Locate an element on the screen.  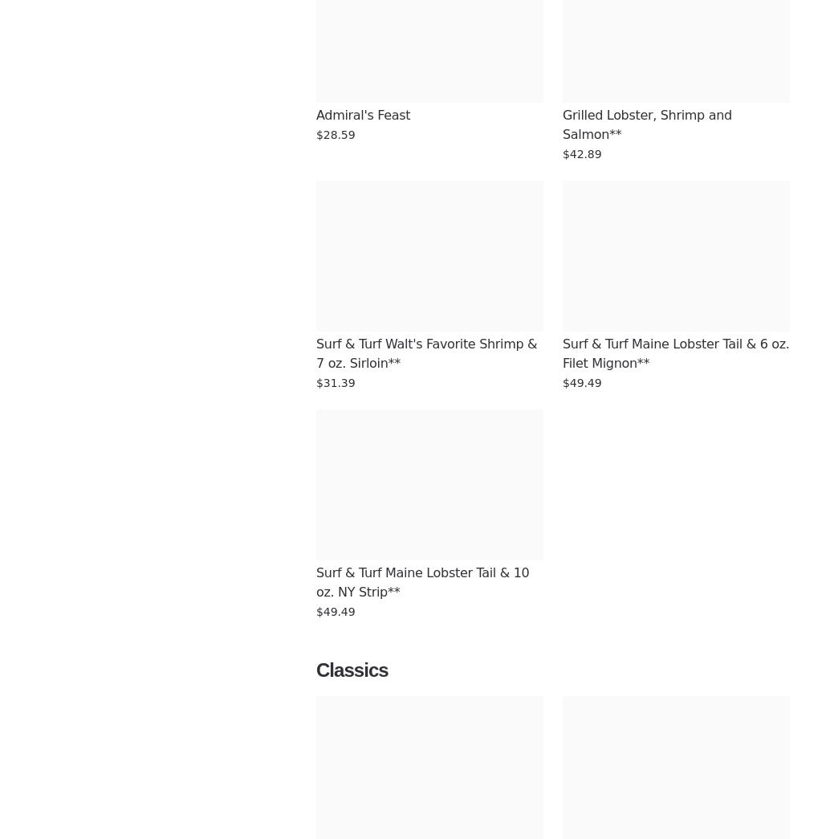
'Grilled Lobster, Shrimp and Salmon**' is located at coordinates (649, 124).